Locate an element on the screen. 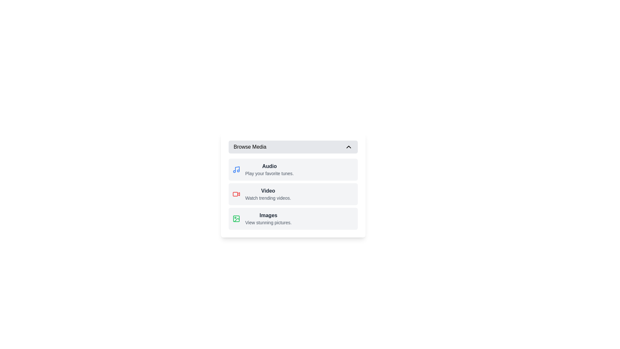 This screenshot has height=349, width=620. the collapsible button at the top of the media options card is located at coordinates (293, 147).